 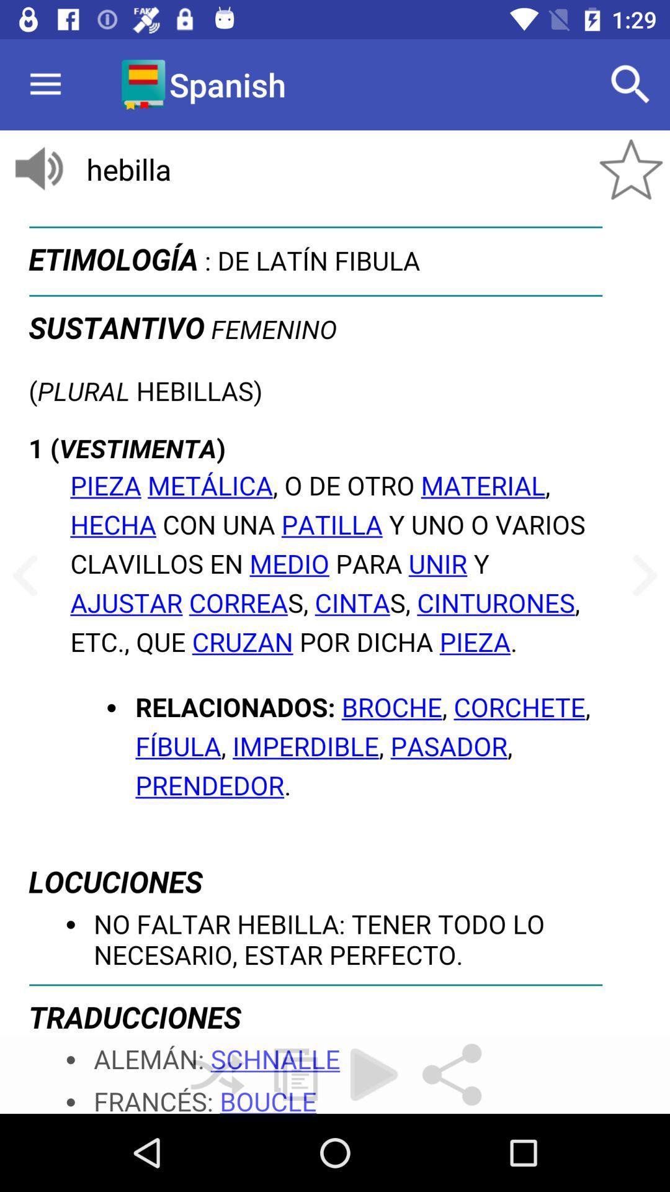 What do you see at coordinates (38, 169) in the screenshot?
I see `the volume icon` at bounding box center [38, 169].